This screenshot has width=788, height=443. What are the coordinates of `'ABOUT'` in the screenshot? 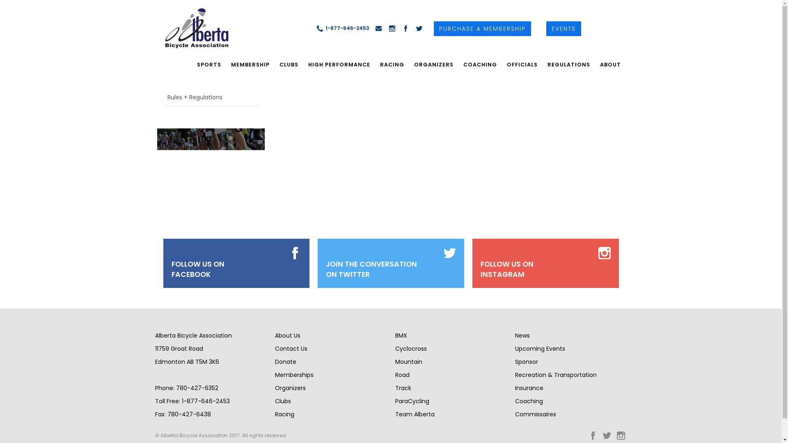 It's located at (610, 64).